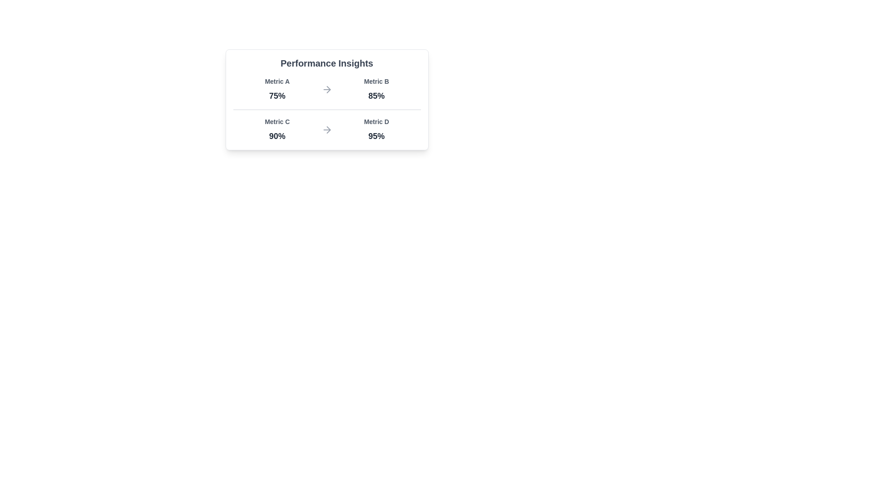  Describe the element at coordinates (276, 129) in the screenshot. I see `the text-based metric display indicating 'Metric C' with a value of 90%, located in the bottom-left quadrant of the 'Performance Insights' card layout` at that location.